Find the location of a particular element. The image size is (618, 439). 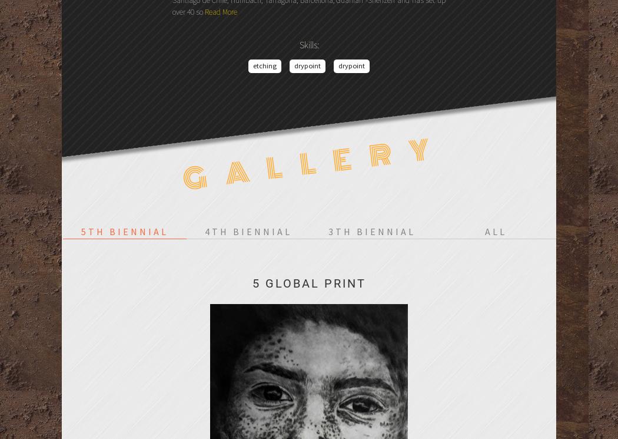

'Skills:' is located at coordinates (308, 44).